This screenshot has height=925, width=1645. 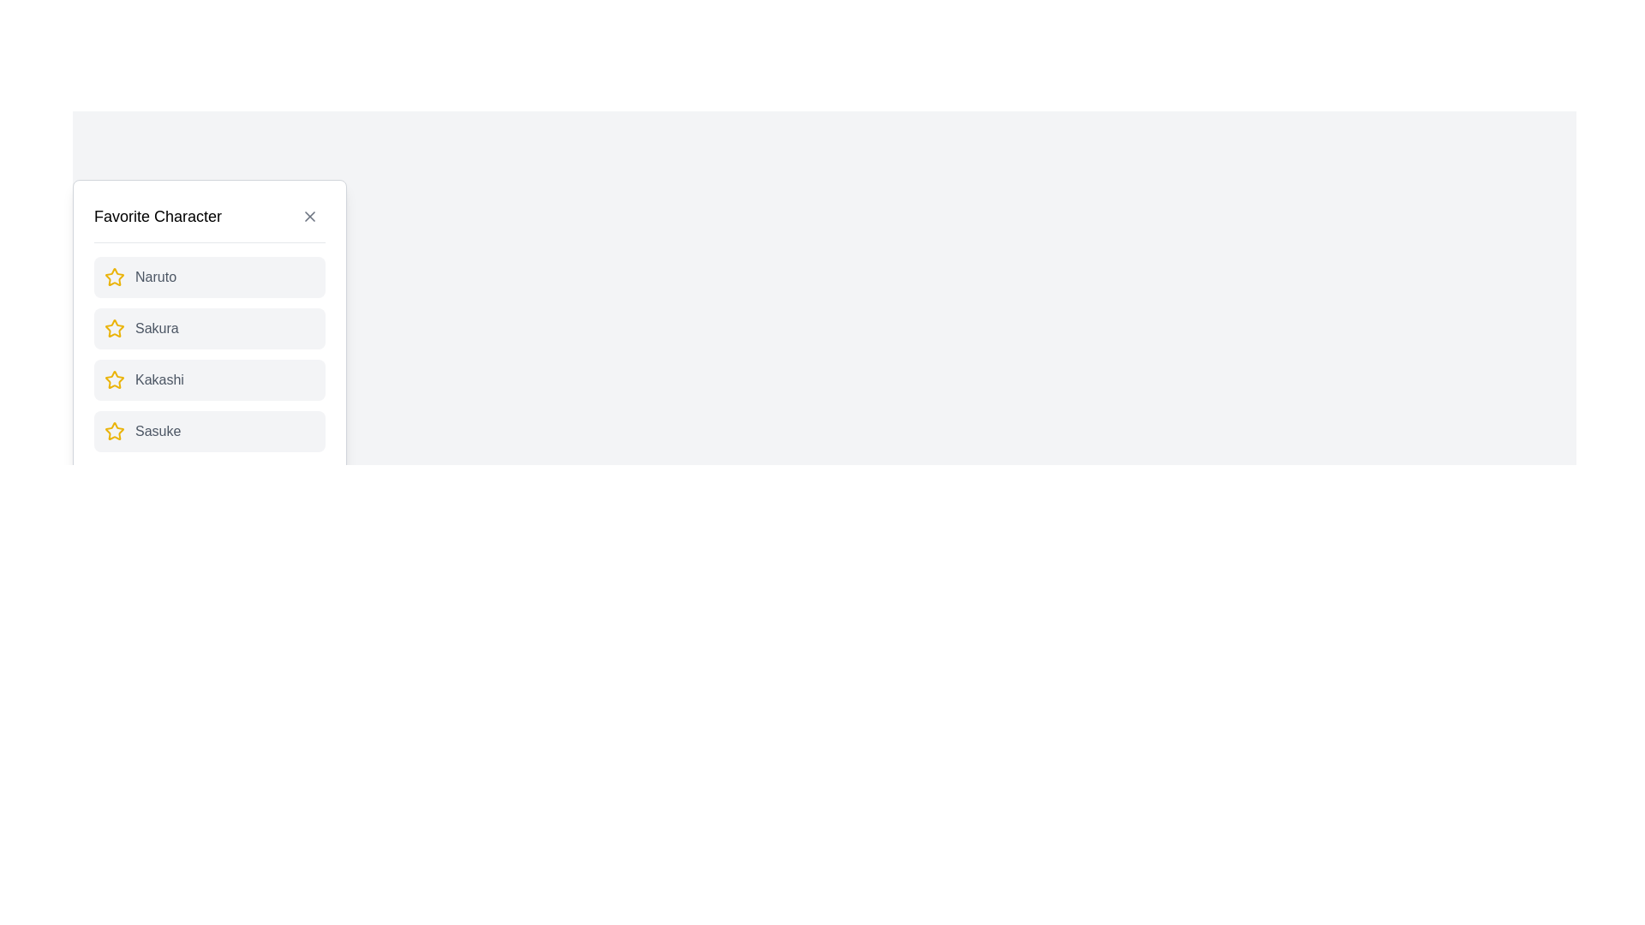 What do you see at coordinates (309, 216) in the screenshot?
I see `the close button located at the top-right corner of the 'Favorite Character' section` at bounding box center [309, 216].